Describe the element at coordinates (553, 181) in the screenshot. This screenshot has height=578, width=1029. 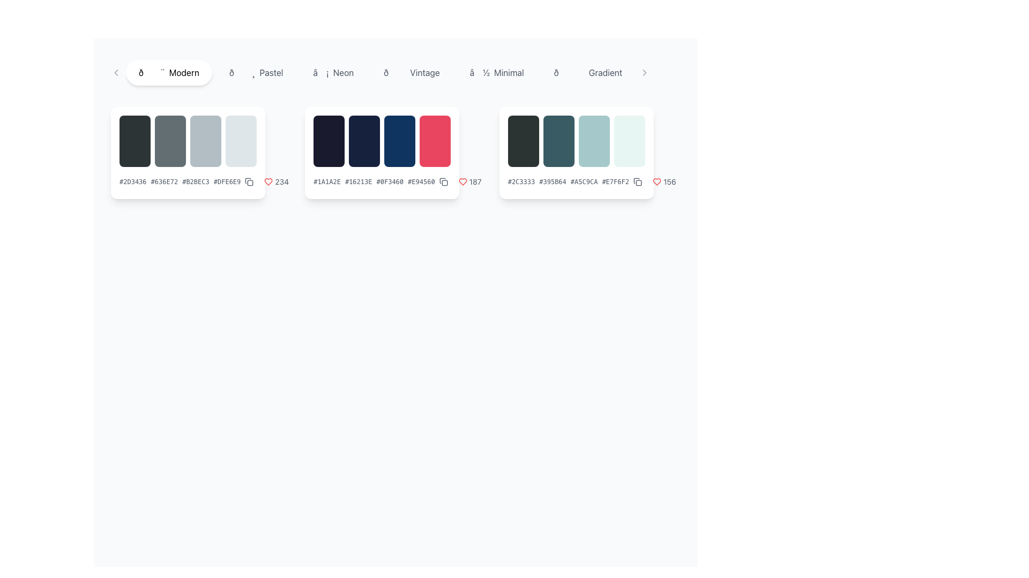
I see `the static text label displaying the hexadecimal color code '#395B64', which is the second element in a horizontal list of four similar elements` at that location.